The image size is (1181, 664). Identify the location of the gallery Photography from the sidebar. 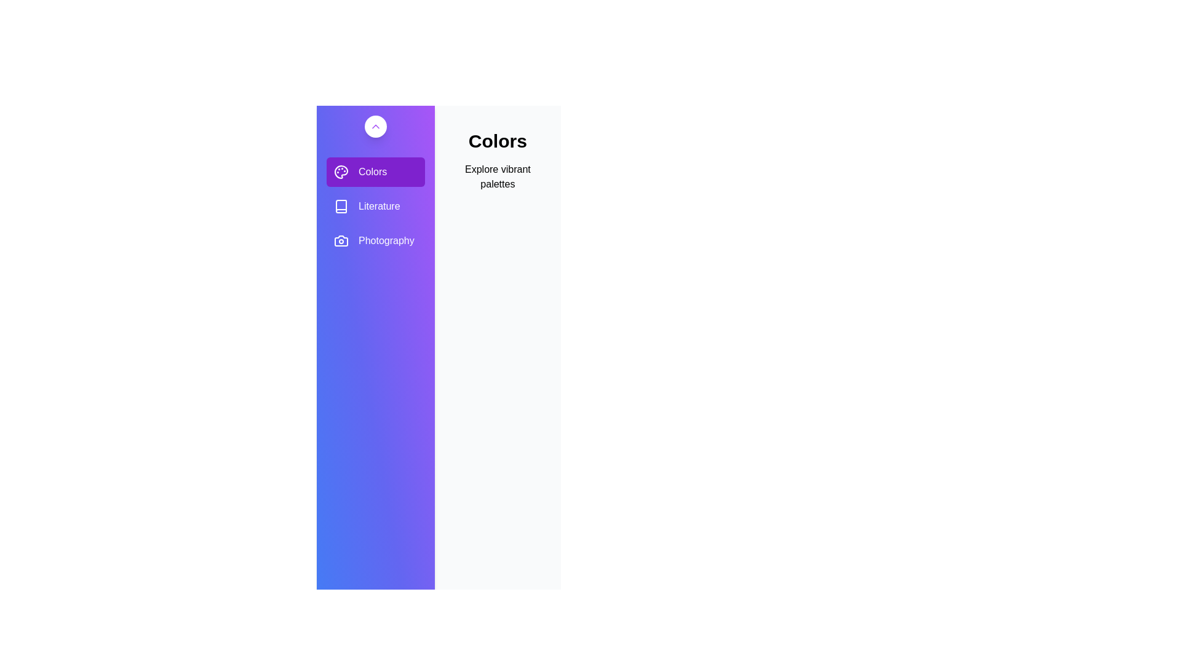
(375, 241).